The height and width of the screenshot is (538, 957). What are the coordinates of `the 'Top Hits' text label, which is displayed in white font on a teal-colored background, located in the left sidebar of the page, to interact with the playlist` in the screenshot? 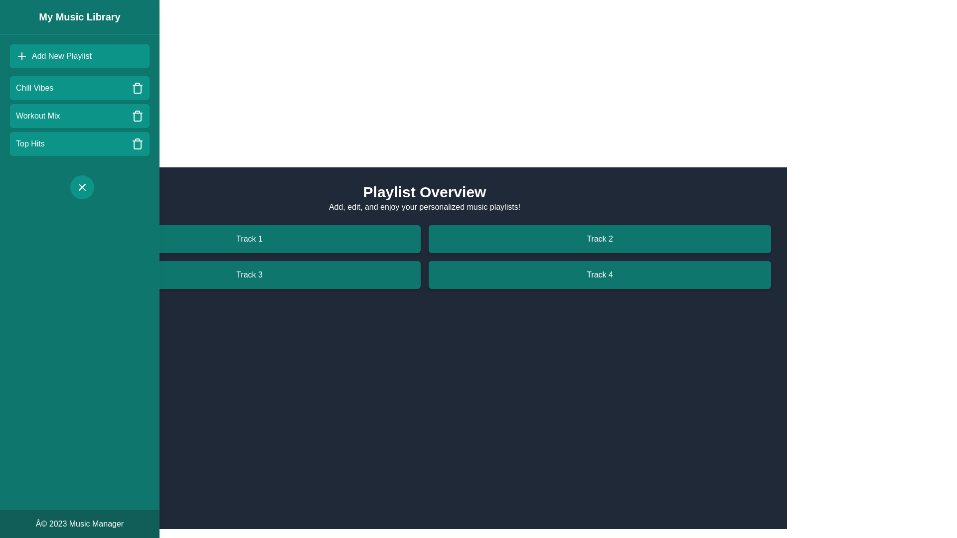 It's located at (30, 144).